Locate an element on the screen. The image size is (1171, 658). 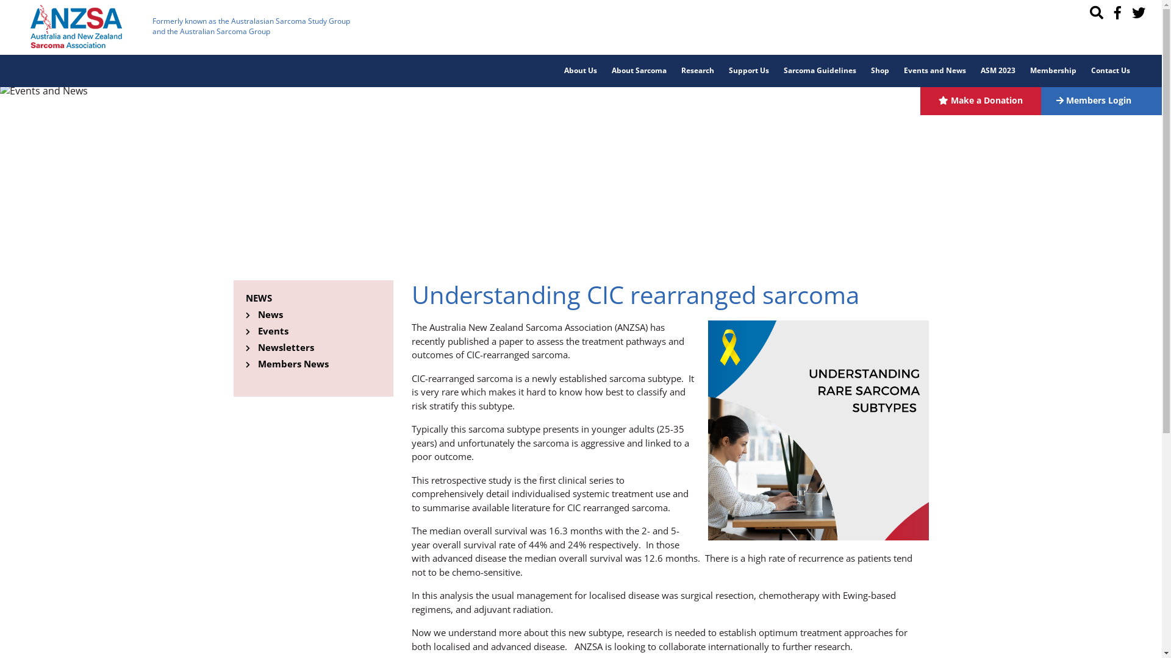
'Make a Donation' is located at coordinates (981, 99).